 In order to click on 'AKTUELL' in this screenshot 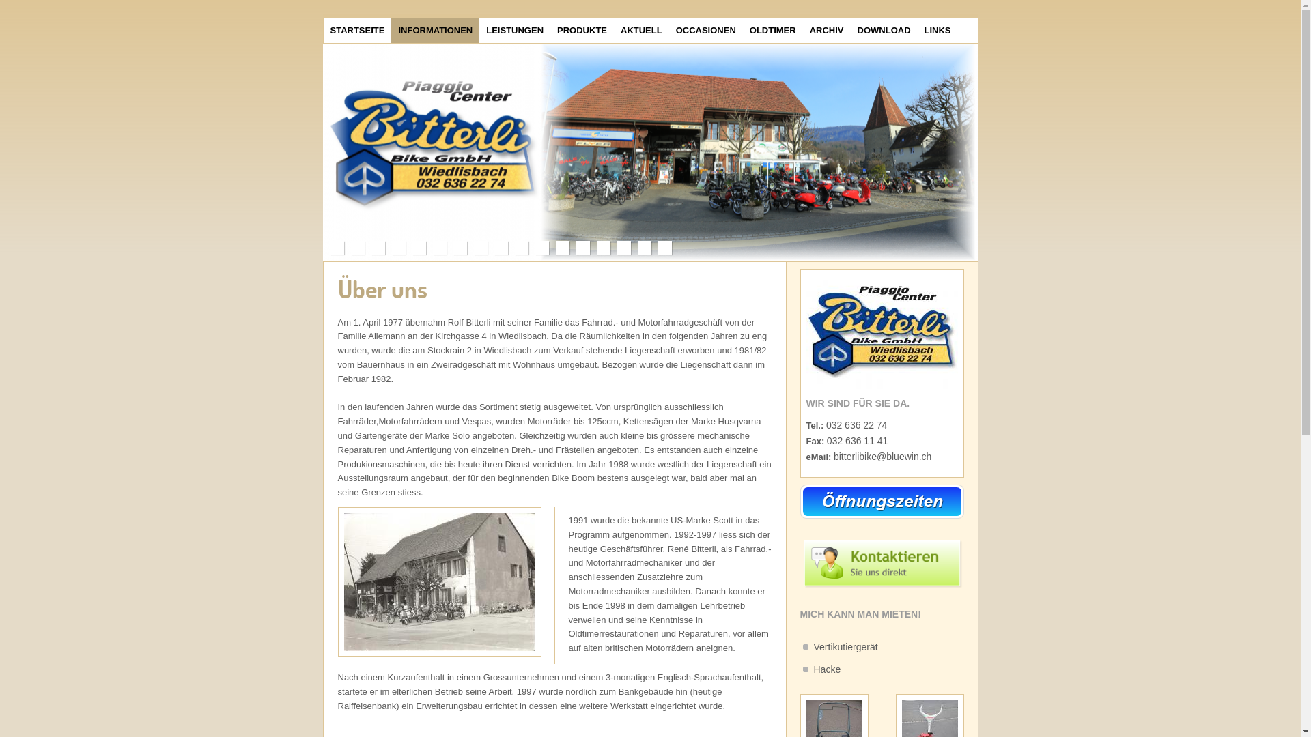, I will do `click(640, 30)`.